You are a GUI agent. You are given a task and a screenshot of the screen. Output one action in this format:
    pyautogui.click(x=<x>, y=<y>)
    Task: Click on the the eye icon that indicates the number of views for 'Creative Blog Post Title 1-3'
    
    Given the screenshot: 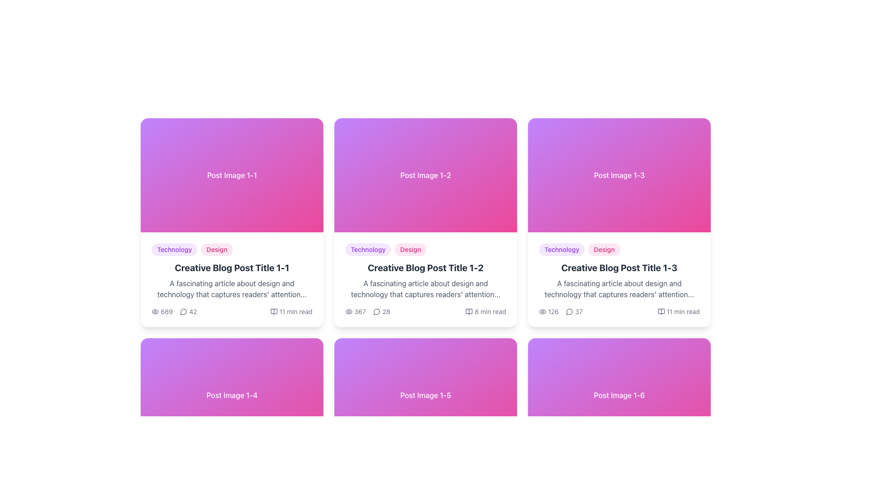 What is the action you would take?
    pyautogui.click(x=543, y=311)
    